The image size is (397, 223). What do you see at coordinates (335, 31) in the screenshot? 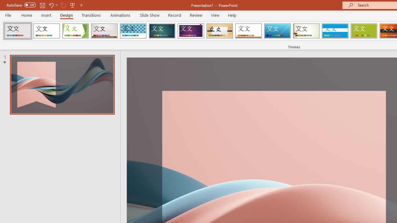
I see `'Banded'` at bounding box center [335, 31].